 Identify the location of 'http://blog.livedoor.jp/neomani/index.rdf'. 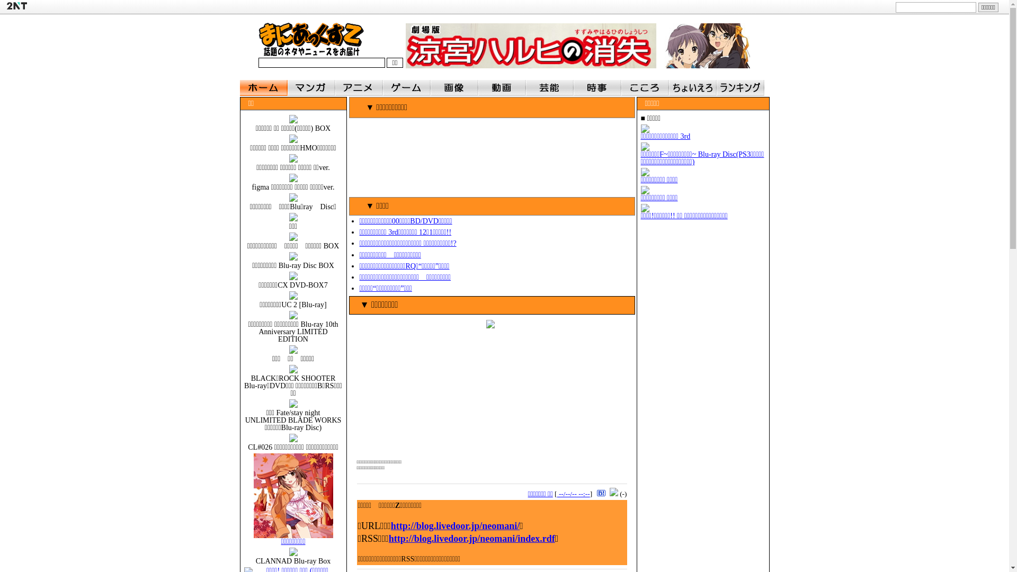
(471, 539).